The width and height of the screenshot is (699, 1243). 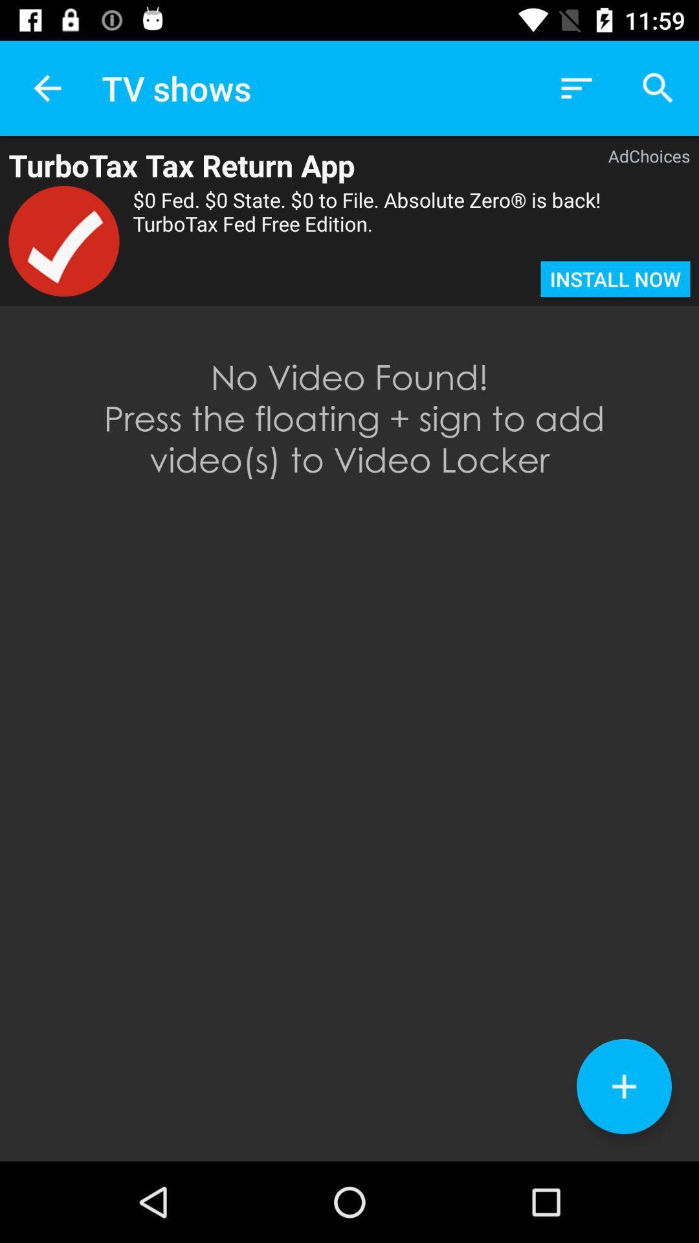 I want to click on item below 0 fed 0, so click(x=615, y=278).